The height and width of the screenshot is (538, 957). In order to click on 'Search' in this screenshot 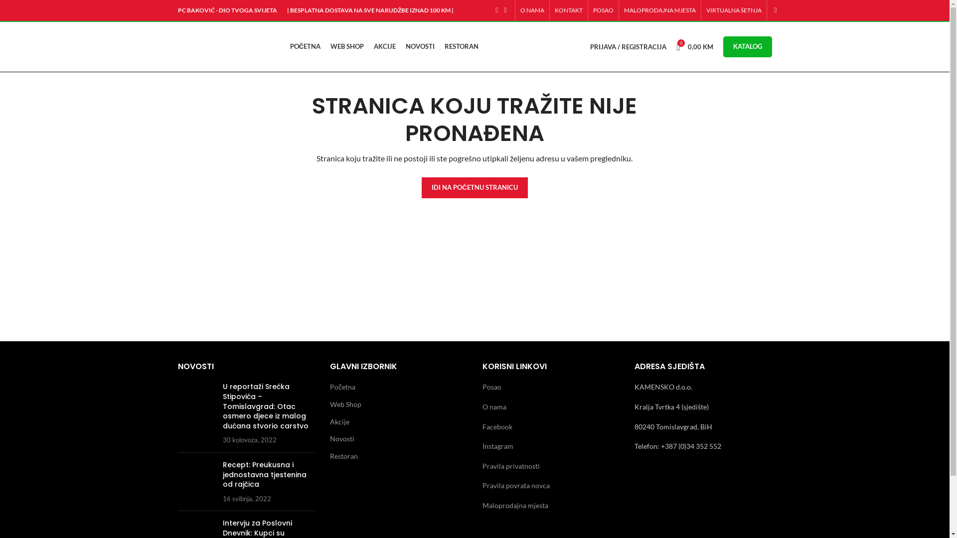, I will do `click(771, 10)`.